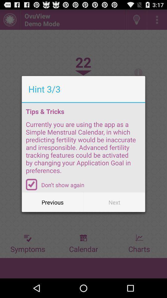  I want to click on the currently you are, so click(83, 149).